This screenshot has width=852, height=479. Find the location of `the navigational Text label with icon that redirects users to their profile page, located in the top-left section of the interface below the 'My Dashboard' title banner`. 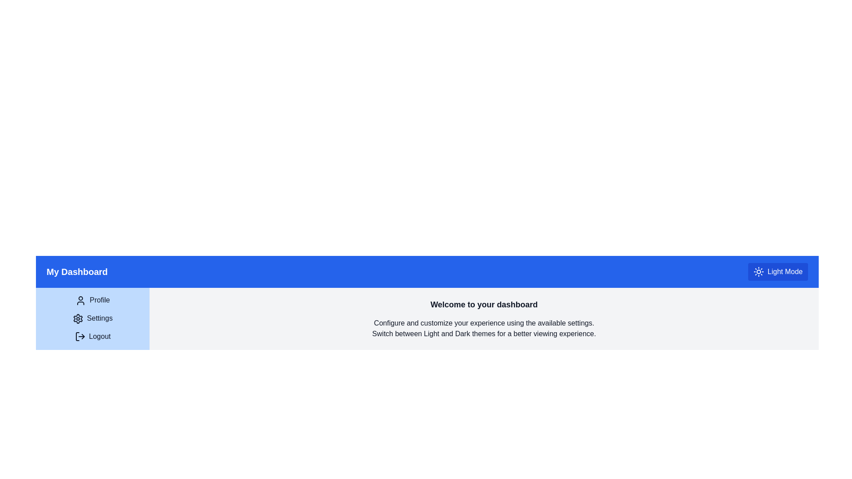

the navigational Text label with icon that redirects users to their profile page, located in the top-left section of the interface below the 'My Dashboard' title banner is located at coordinates (93, 300).